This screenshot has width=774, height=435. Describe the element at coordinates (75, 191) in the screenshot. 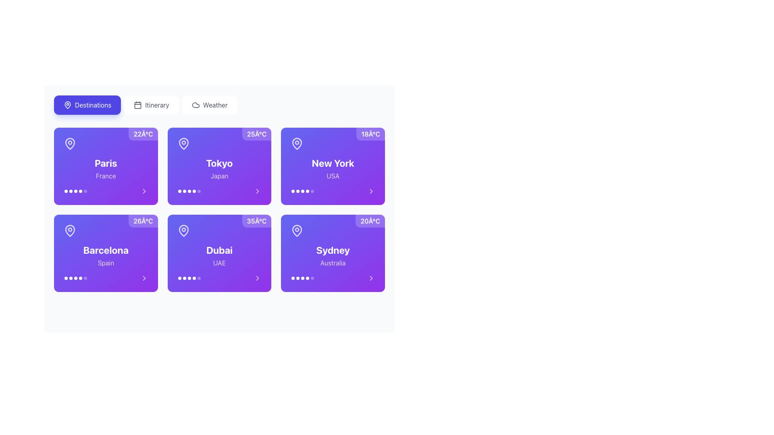

I see `the current selection indicated by the highlighted dot in the pagination indicator located at the bottom center of the 'Paris, France' card` at that location.